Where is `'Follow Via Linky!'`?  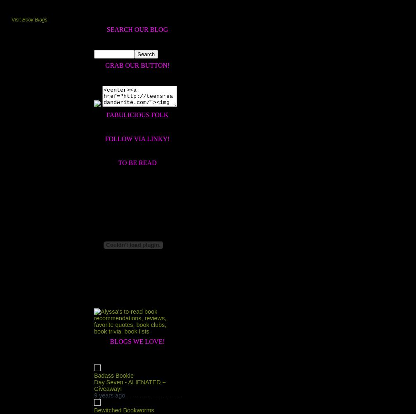 'Follow Via Linky!' is located at coordinates (137, 138).